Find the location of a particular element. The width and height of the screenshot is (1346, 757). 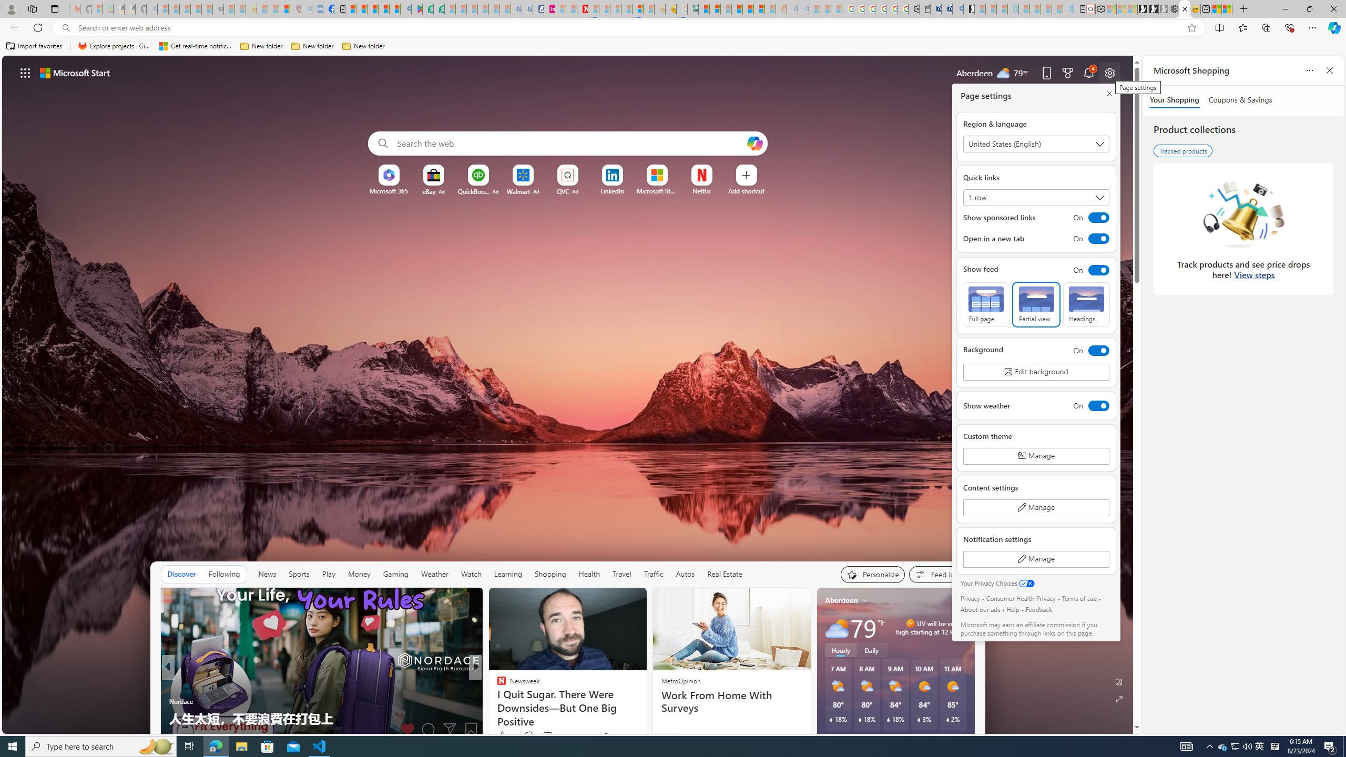

'Shopping' is located at coordinates (550, 574).